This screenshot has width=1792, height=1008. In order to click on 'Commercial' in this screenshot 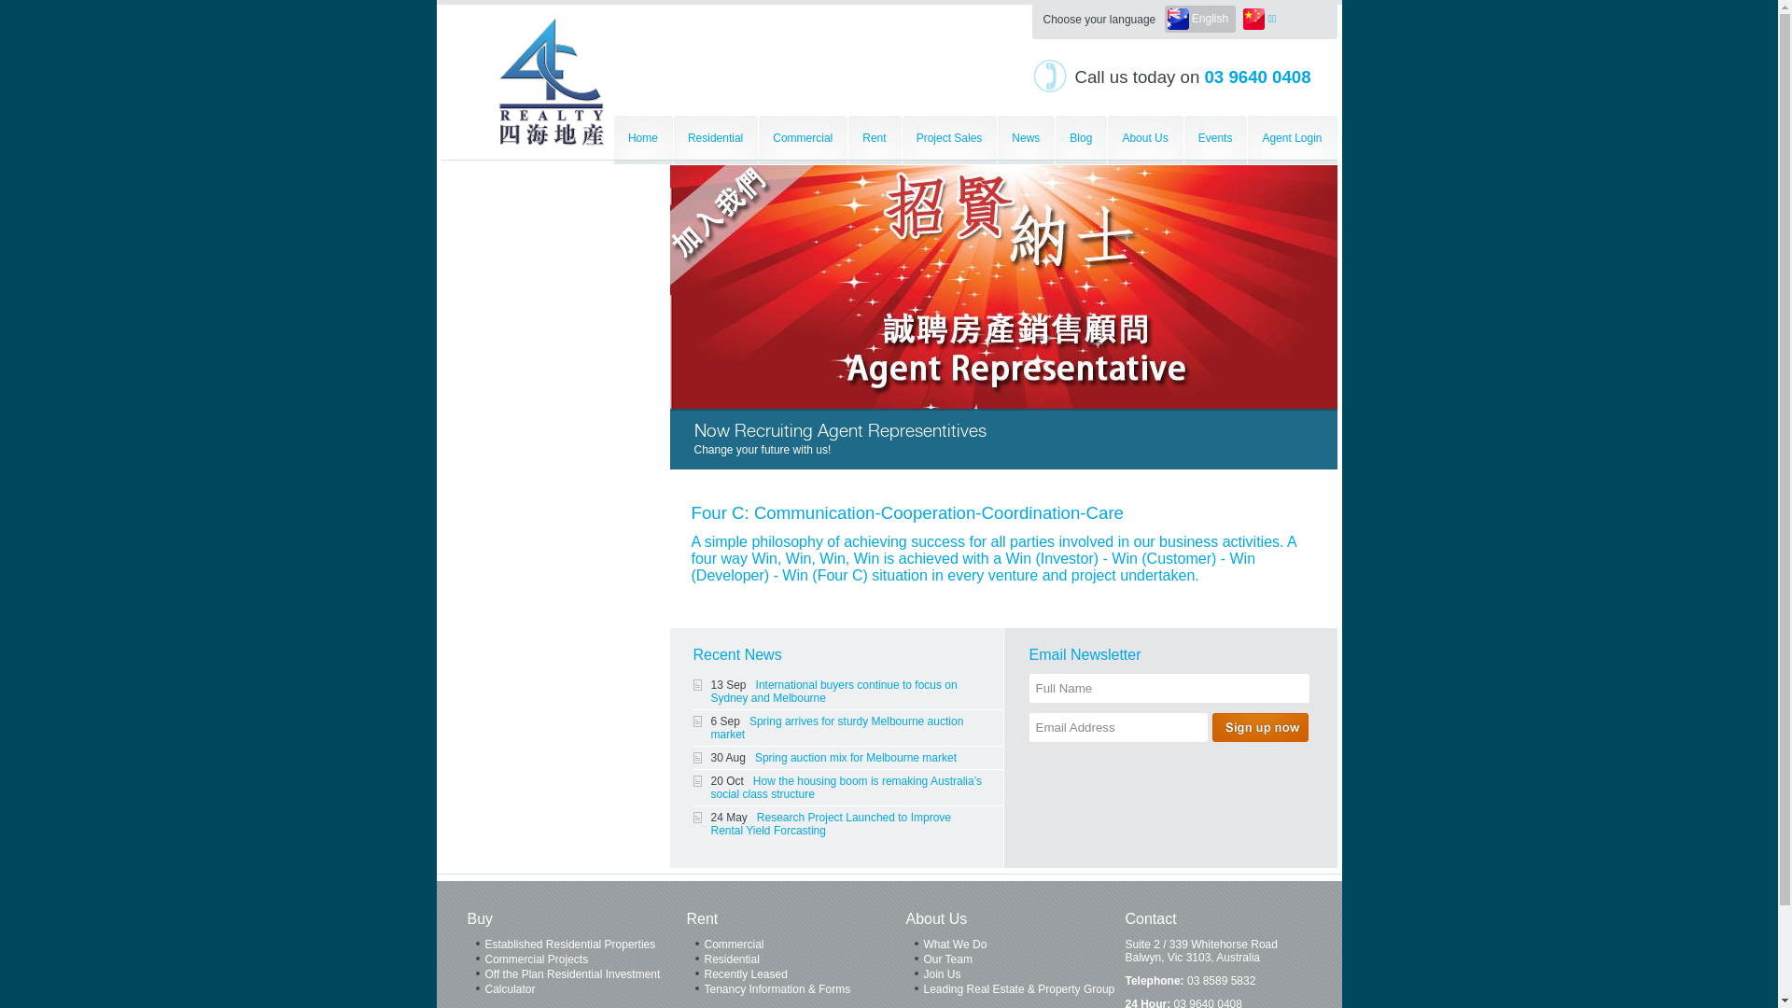, I will do `click(796, 945)`.